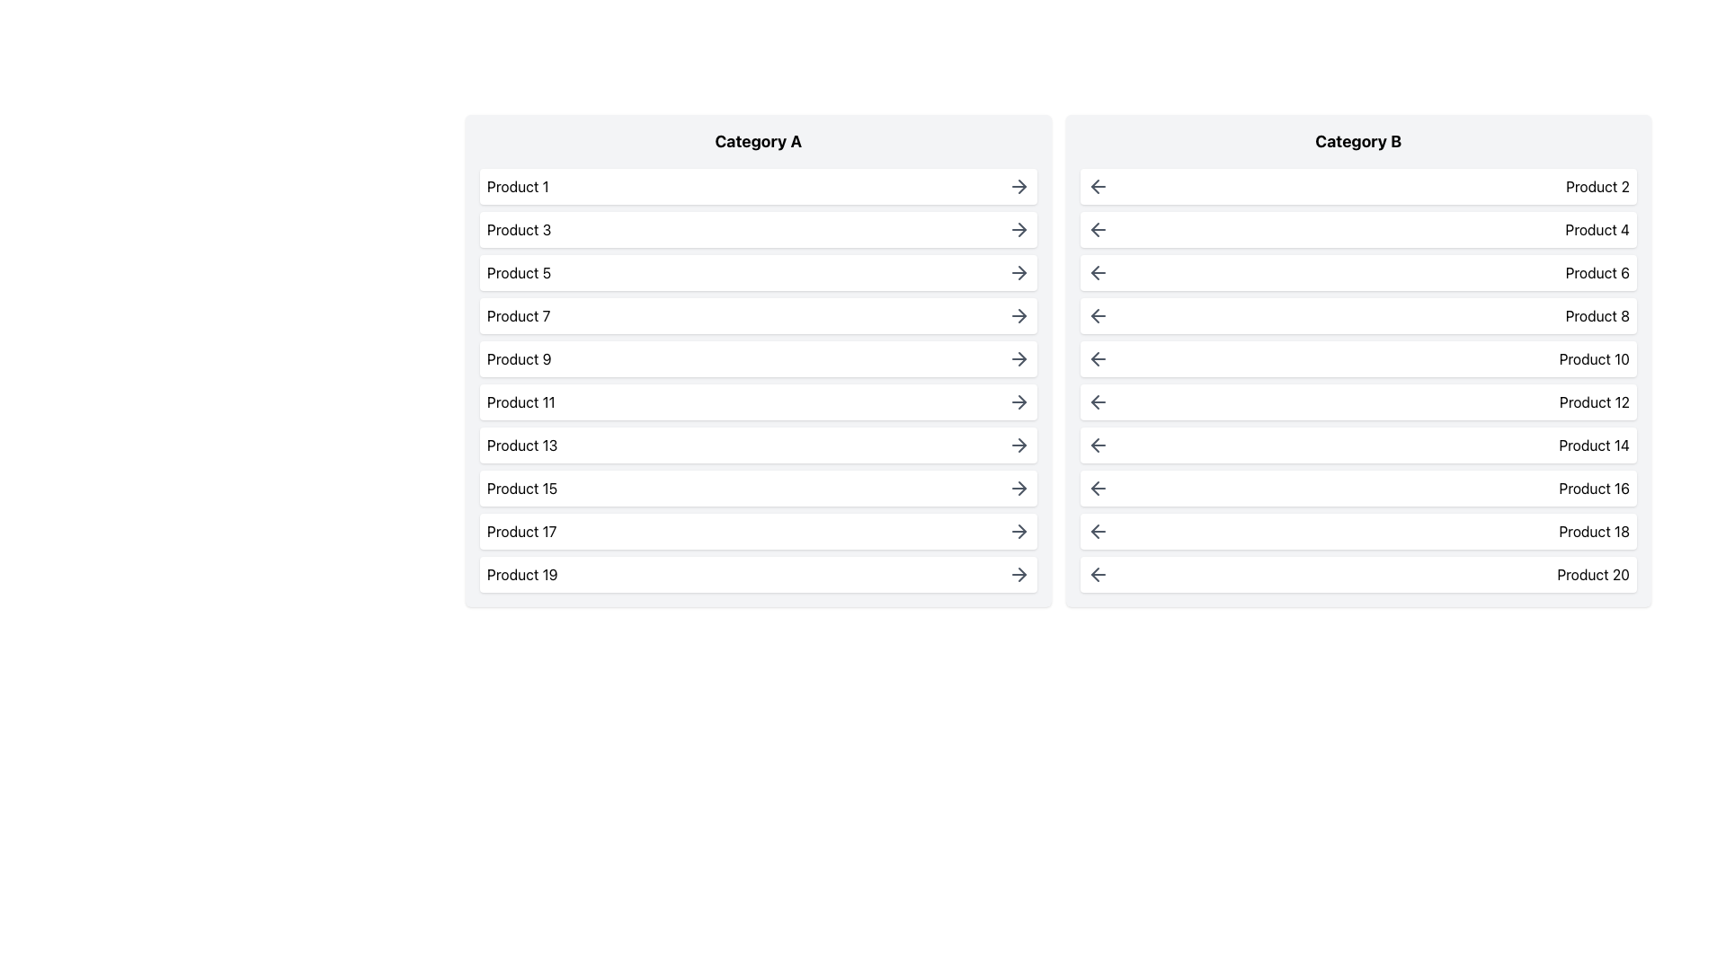 Image resolution: width=1726 pixels, height=970 pixels. What do you see at coordinates (1022, 314) in the screenshot?
I see `the right-pointing arrow icon in the row labeled 'Product 7' within the 'Category A' section` at bounding box center [1022, 314].